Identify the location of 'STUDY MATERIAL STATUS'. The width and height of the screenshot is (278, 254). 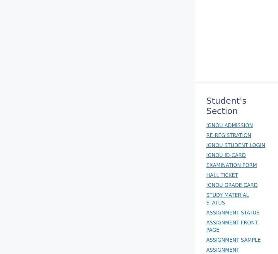
(227, 198).